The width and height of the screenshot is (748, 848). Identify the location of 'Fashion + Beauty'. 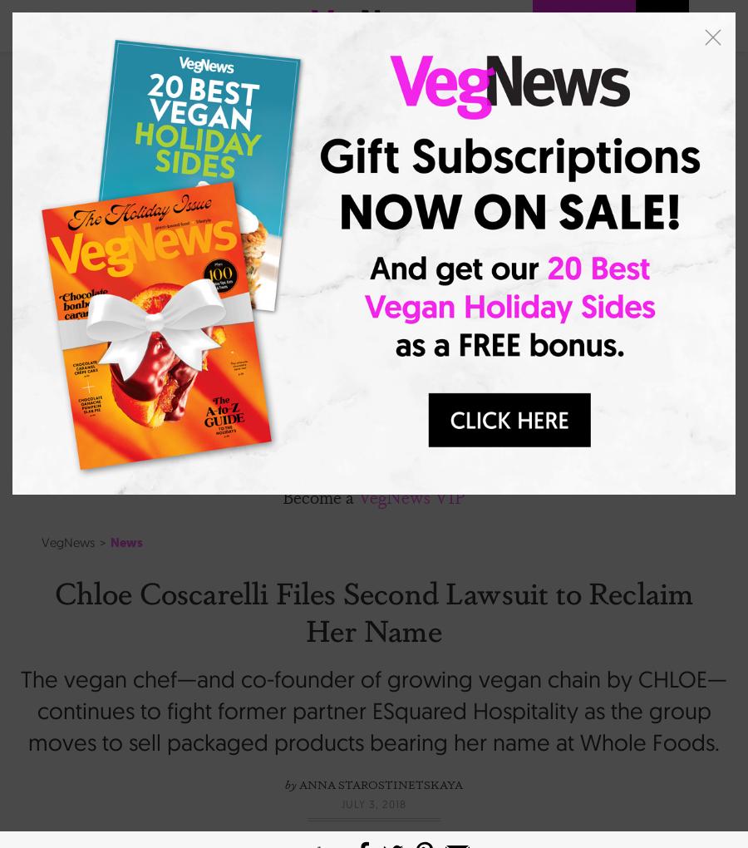
(339, 389).